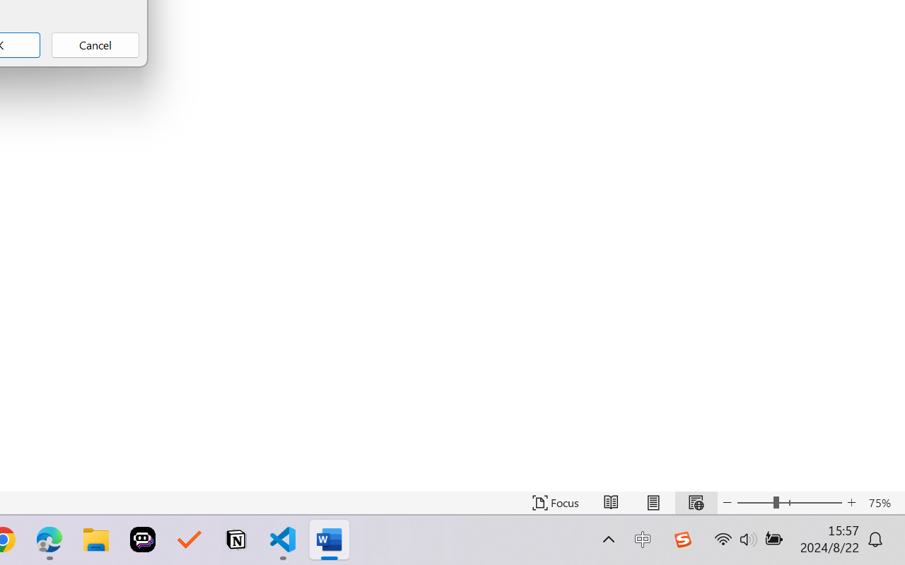  What do you see at coordinates (236, 540) in the screenshot?
I see `'Notion'` at bounding box center [236, 540].